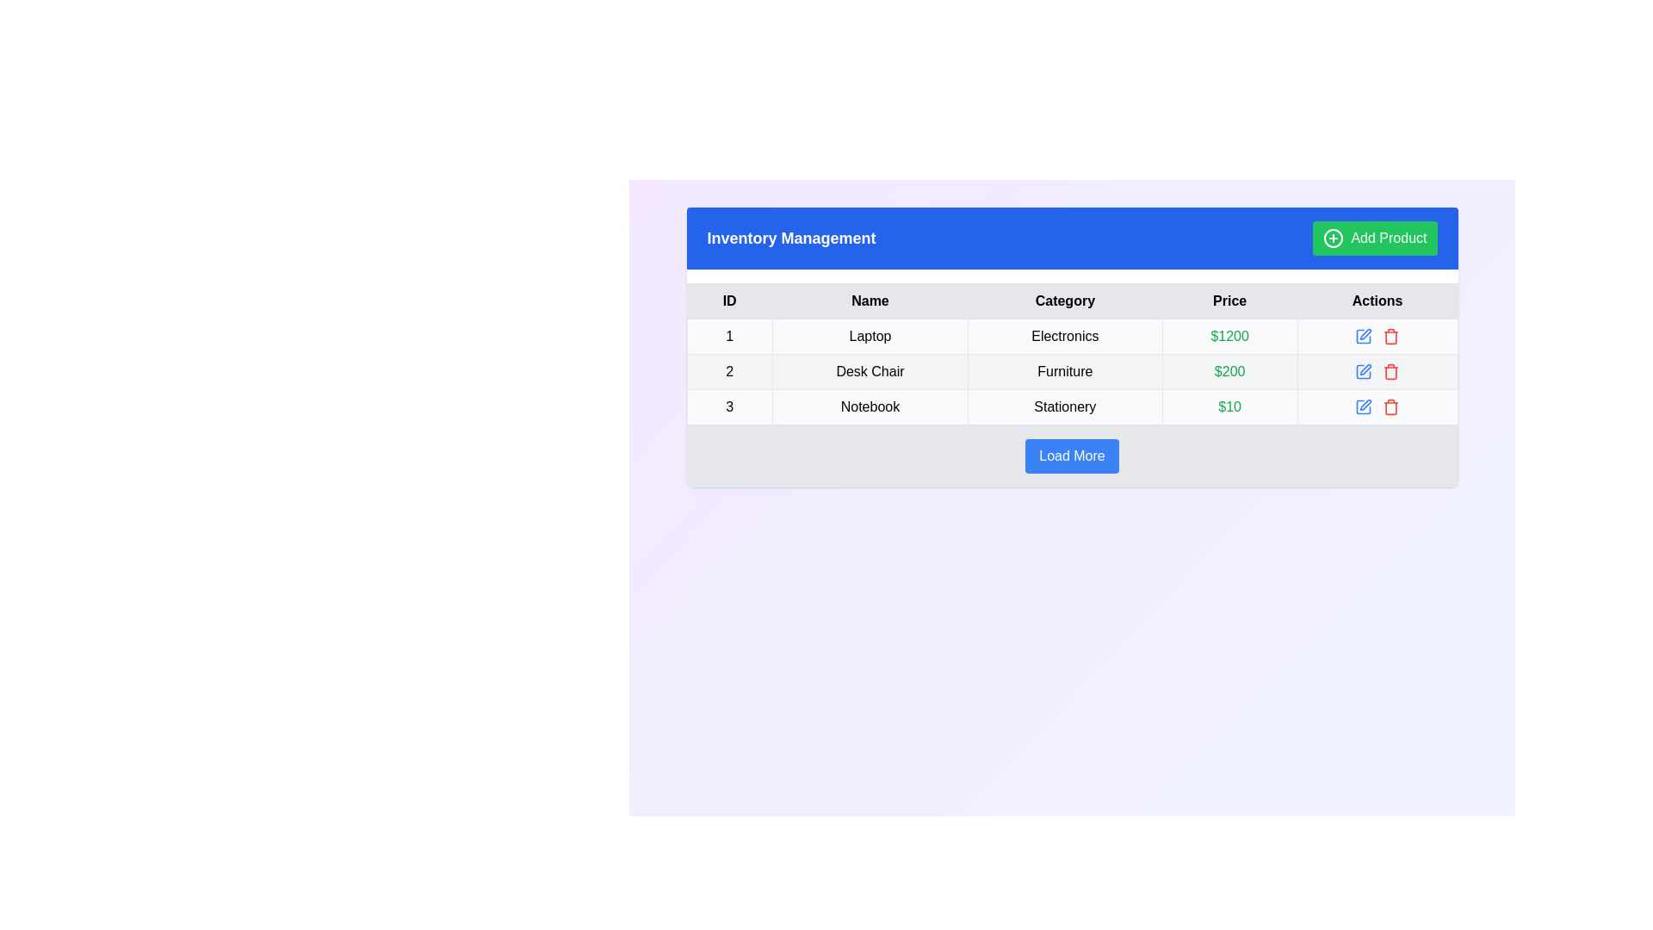 The height and width of the screenshot is (930, 1653). What do you see at coordinates (1363, 371) in the screenshot?
I see `the edit icon in the 'Actions' column of the second row corresponding to 'Furniture'` at bounding box center [1363, 371].